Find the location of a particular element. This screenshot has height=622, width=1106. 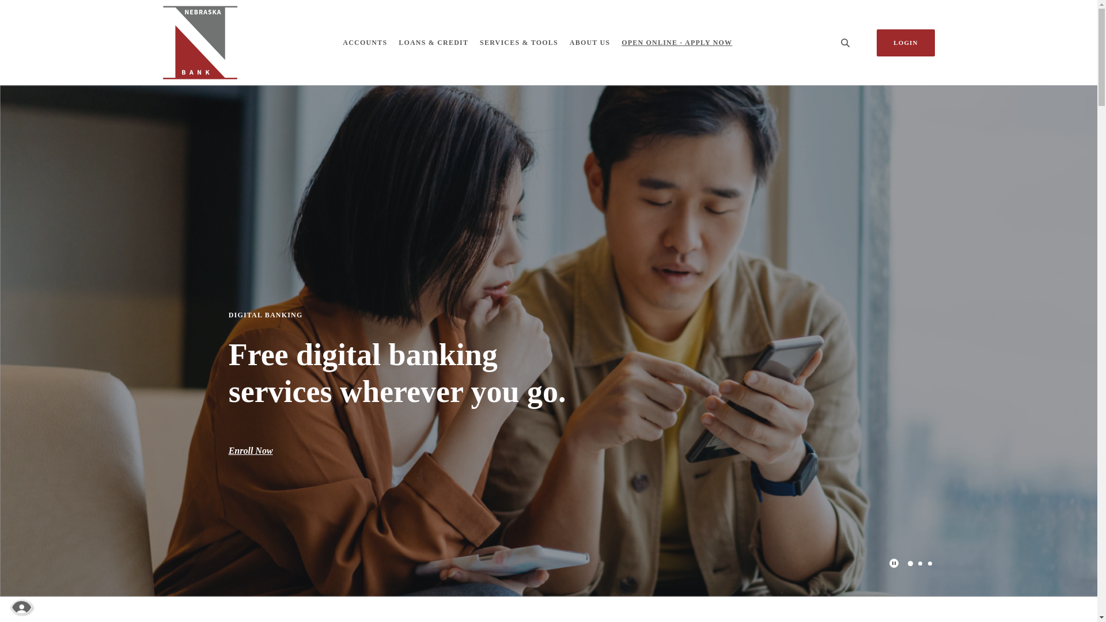

'2' is located at coordinates (919, 563).